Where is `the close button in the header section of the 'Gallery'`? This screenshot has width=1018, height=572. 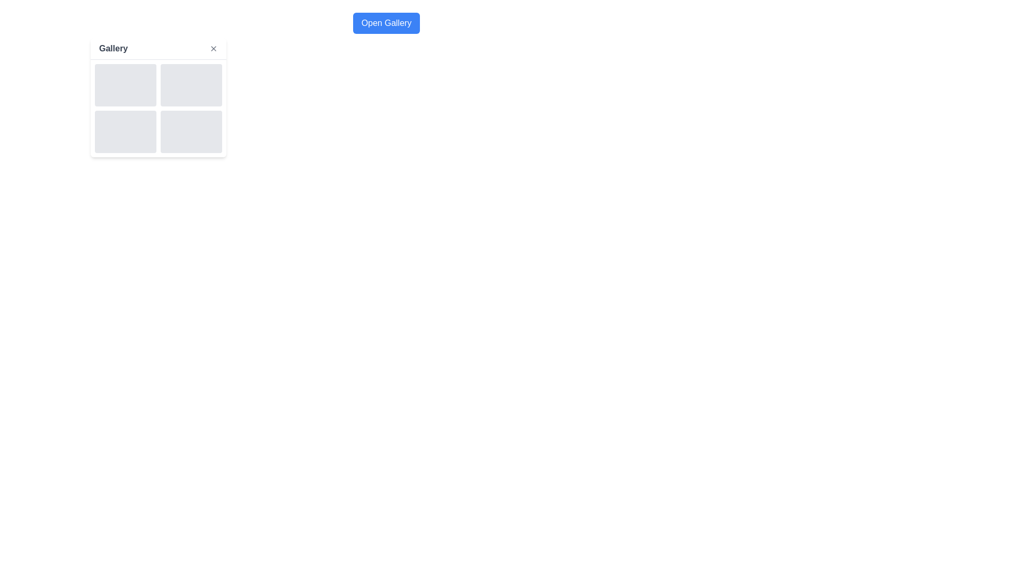 the close button in the header section of the 'Gallery' is located at coordinates (213, 49).